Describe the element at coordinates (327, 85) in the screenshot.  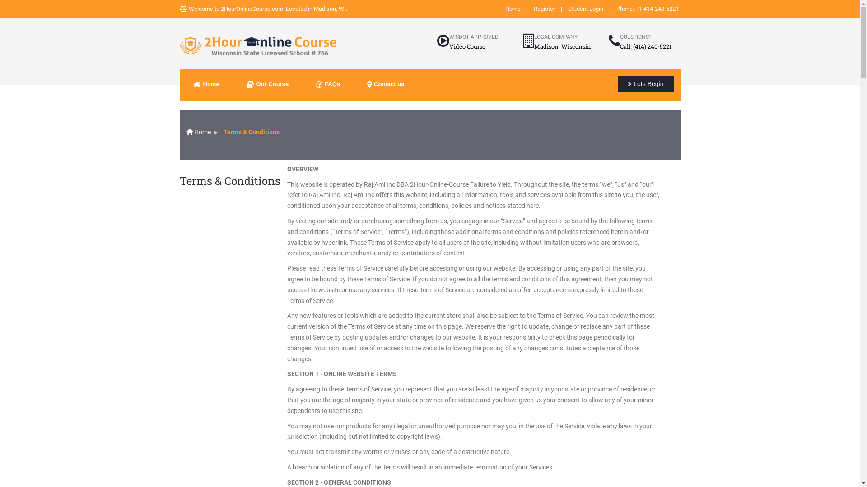
I see `'FAQs'` at that location.